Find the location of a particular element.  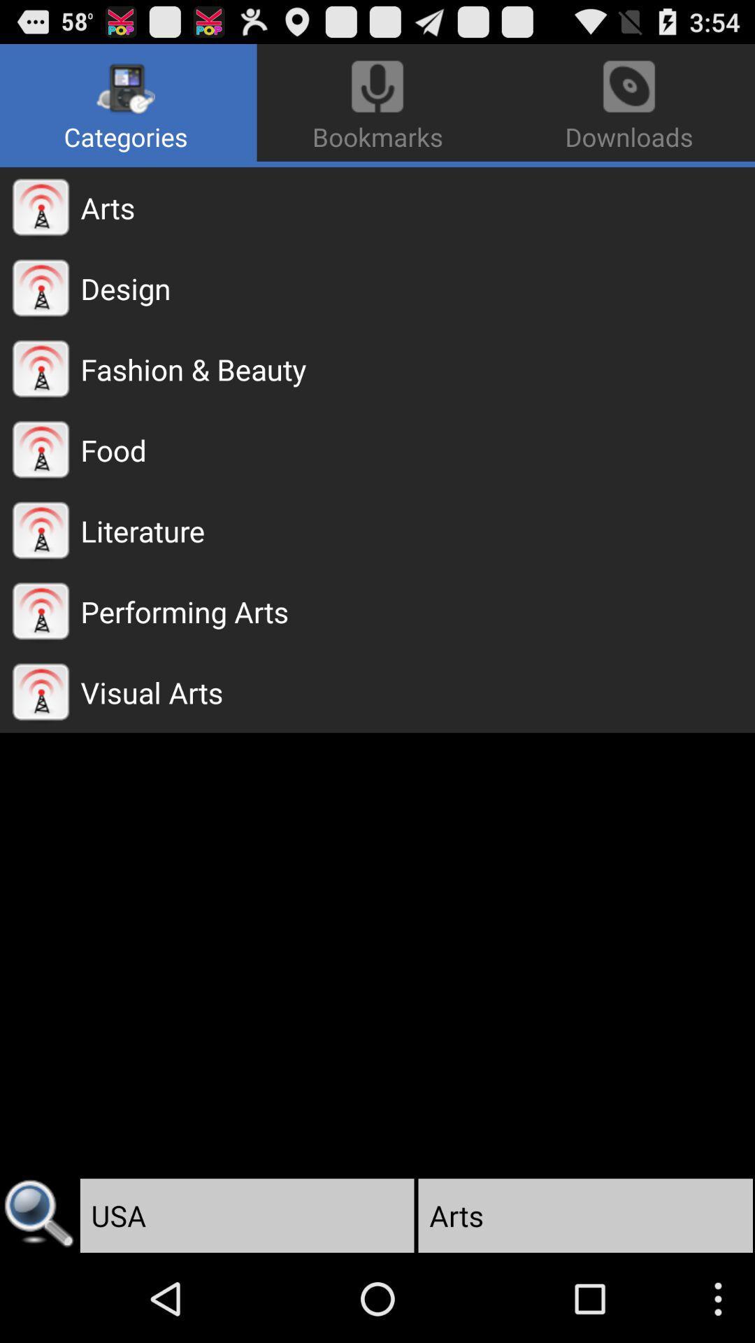

icon next to the usa app is located at coordinates (38, 1215).